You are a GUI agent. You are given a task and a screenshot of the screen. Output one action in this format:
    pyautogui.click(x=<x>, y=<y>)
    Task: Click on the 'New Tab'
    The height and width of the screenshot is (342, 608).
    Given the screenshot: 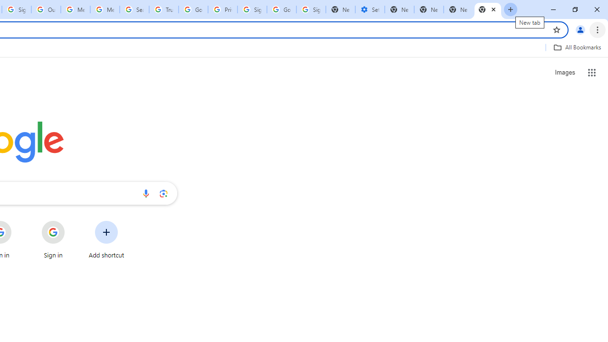 What is the action you would take?
    pyautogui.click(x=488, y=9)
    